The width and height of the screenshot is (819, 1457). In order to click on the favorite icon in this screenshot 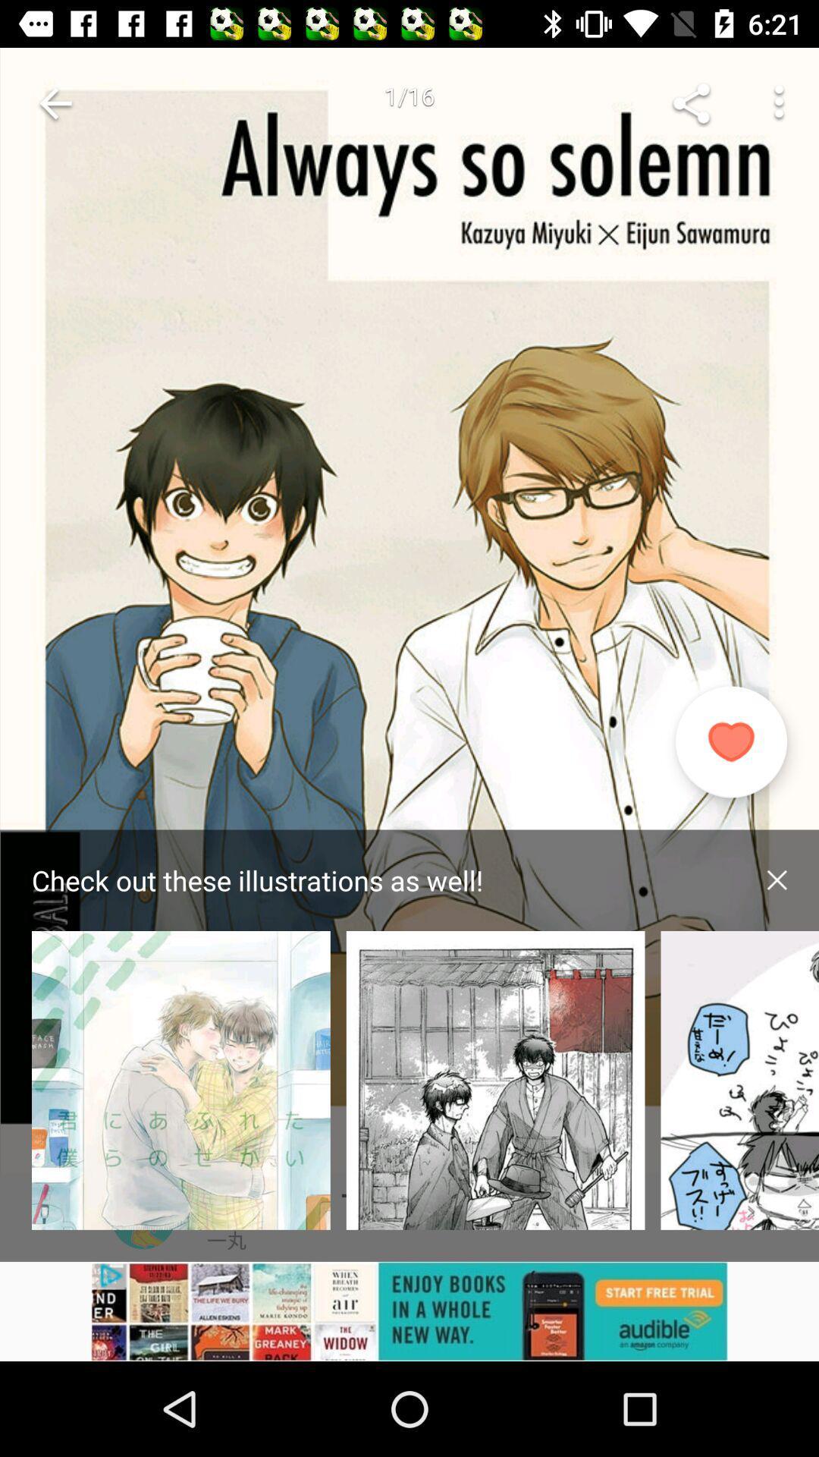, I will do `click(730, 742)`.